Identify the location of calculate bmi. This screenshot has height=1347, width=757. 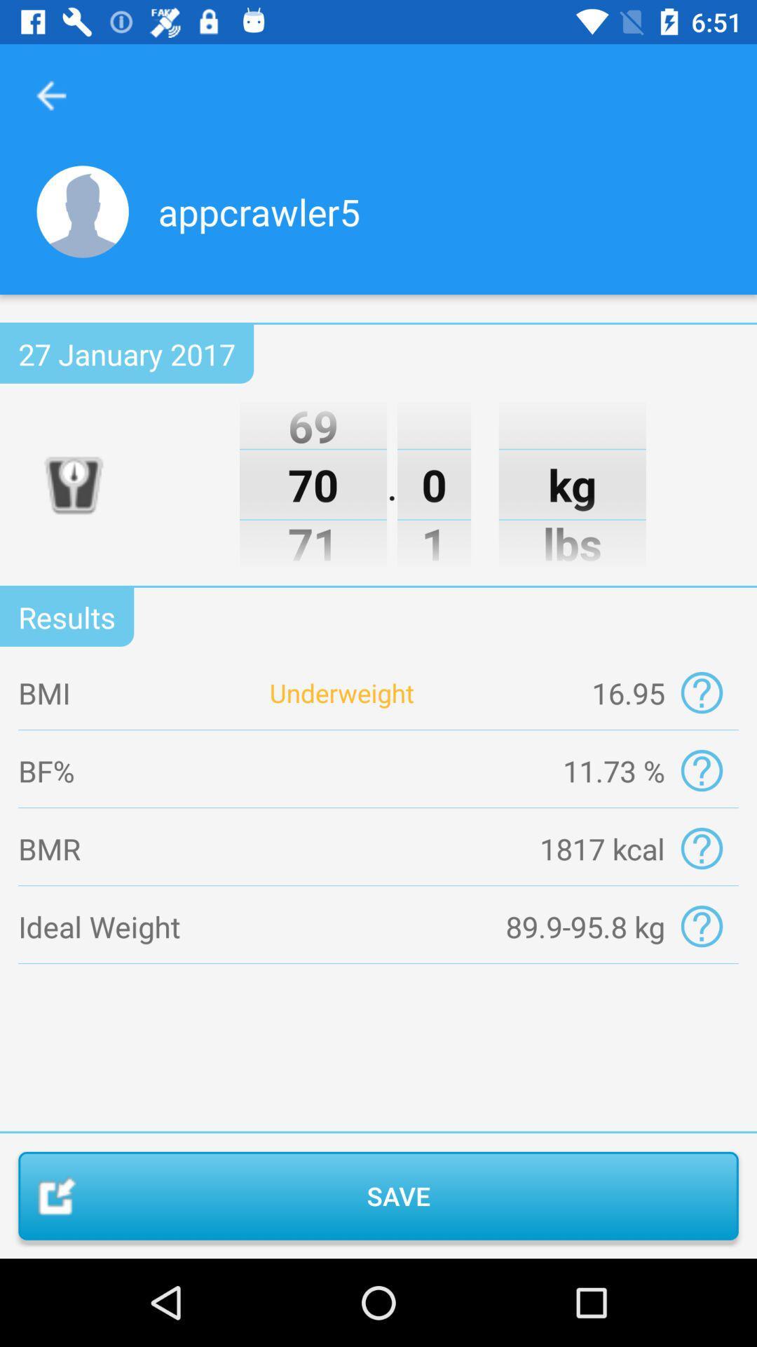
(702, 692).